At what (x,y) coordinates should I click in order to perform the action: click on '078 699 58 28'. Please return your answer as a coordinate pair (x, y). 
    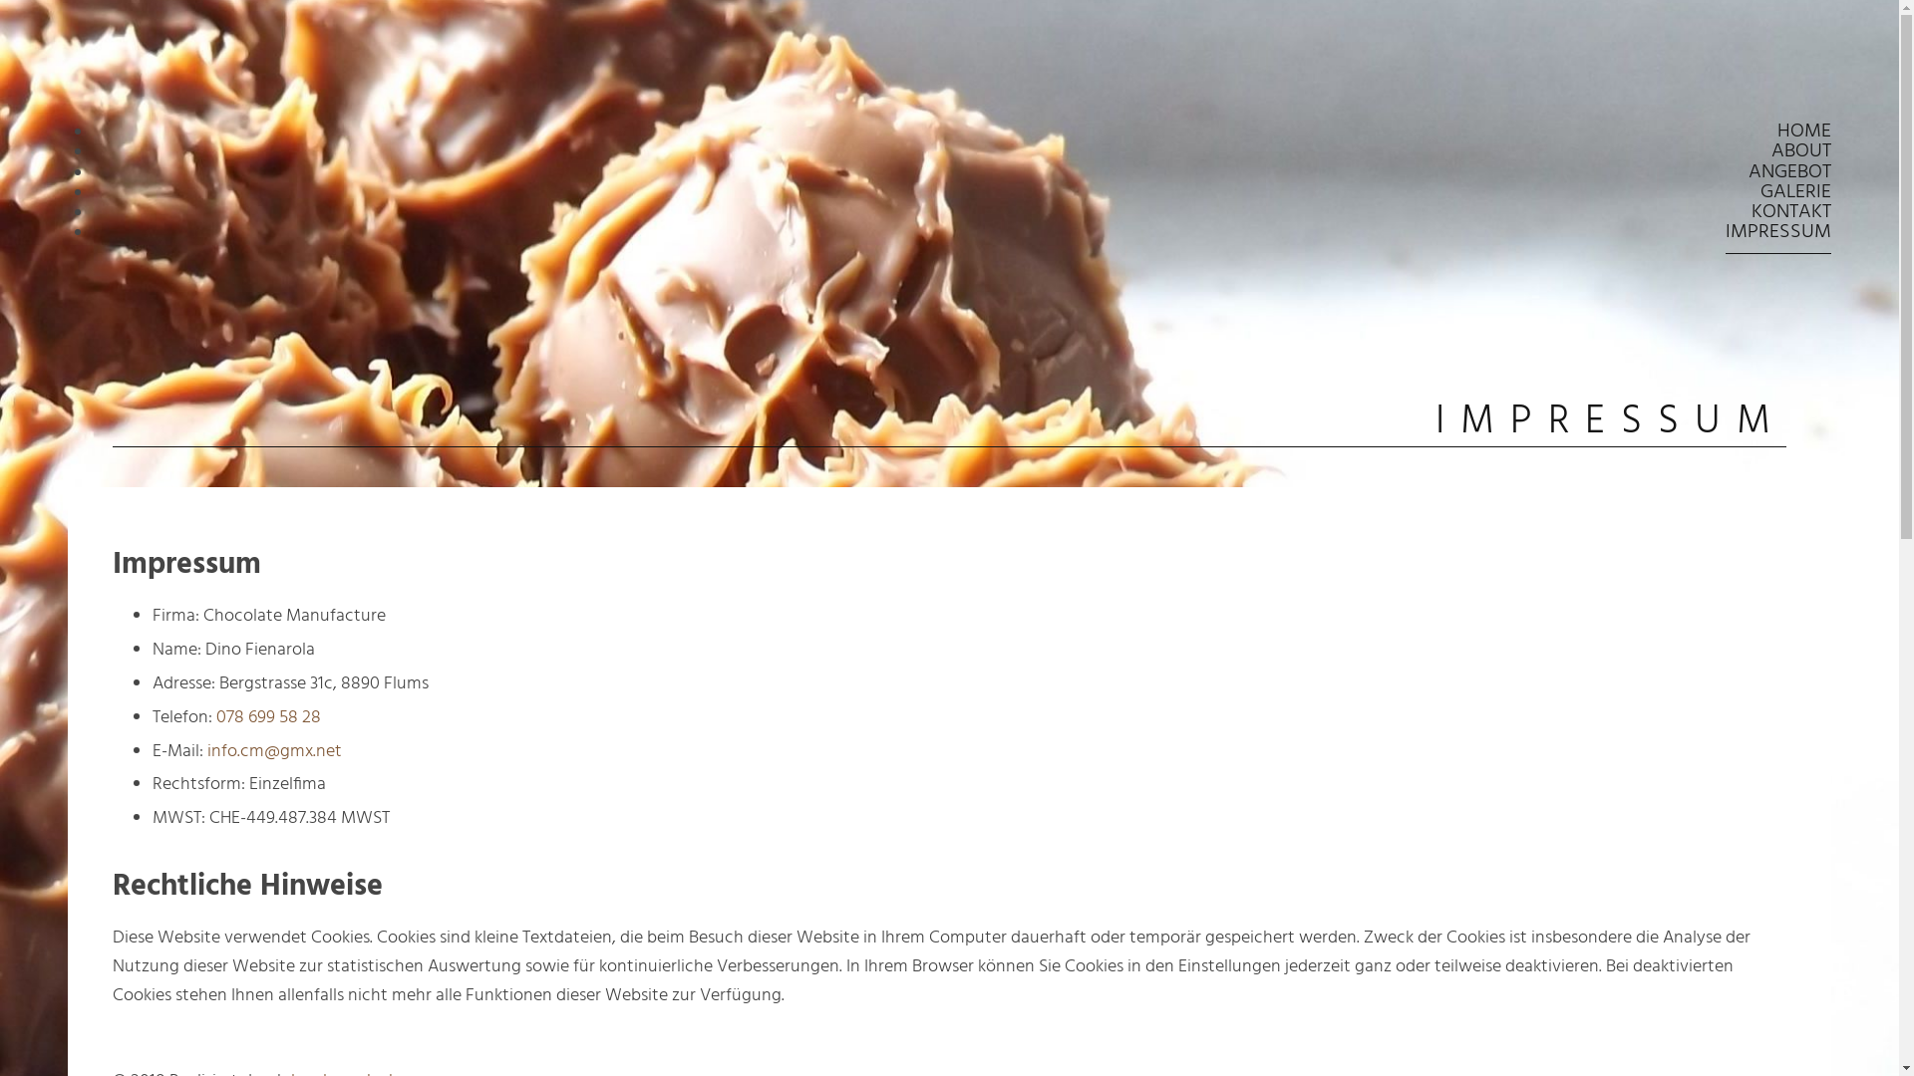
    Looking at the image, I should click on (267, 717).